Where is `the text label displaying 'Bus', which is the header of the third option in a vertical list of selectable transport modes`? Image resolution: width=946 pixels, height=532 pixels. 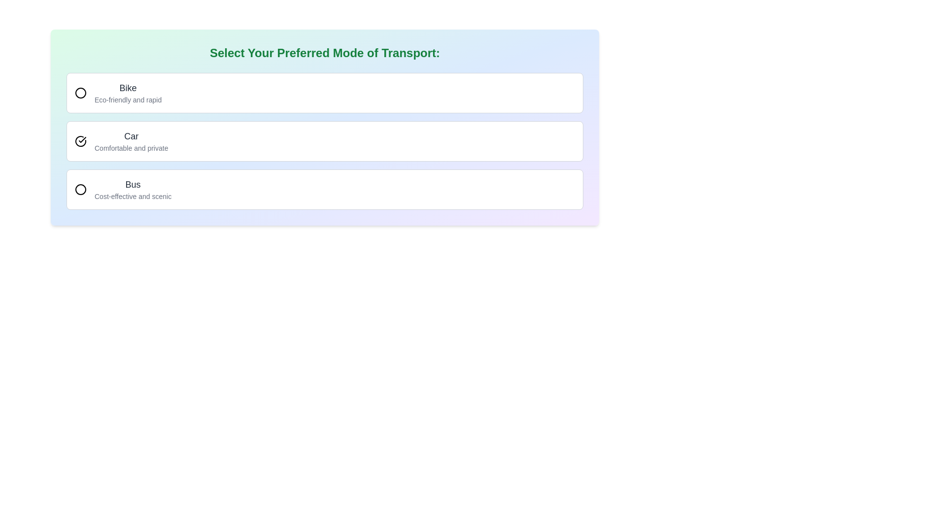
the text label displaying 'Bus', which is the header of the third option in a vertical list of selectable transport modes is located at coordinates (133, 184).